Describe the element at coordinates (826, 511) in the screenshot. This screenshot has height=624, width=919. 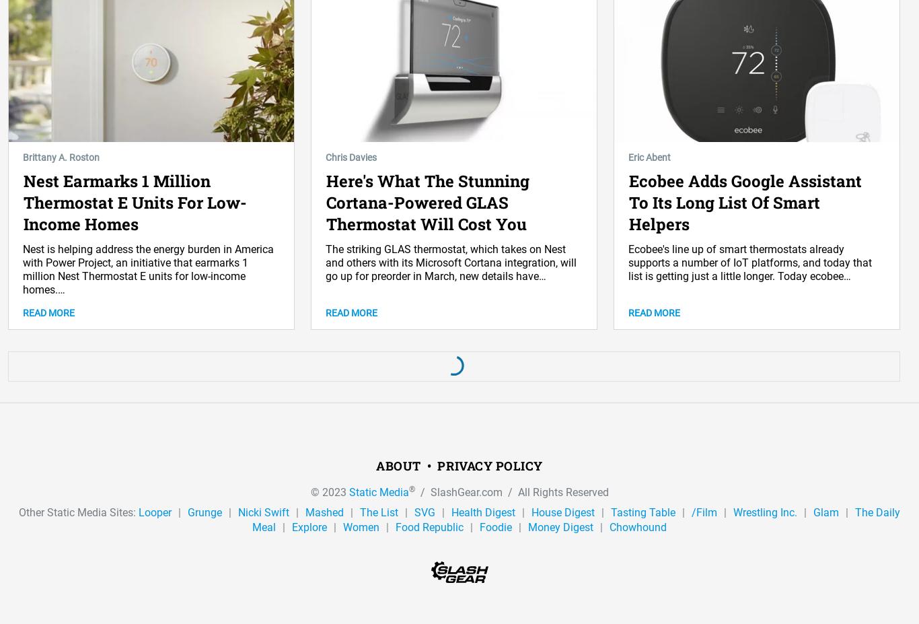
I see `'Glam'` at that location.